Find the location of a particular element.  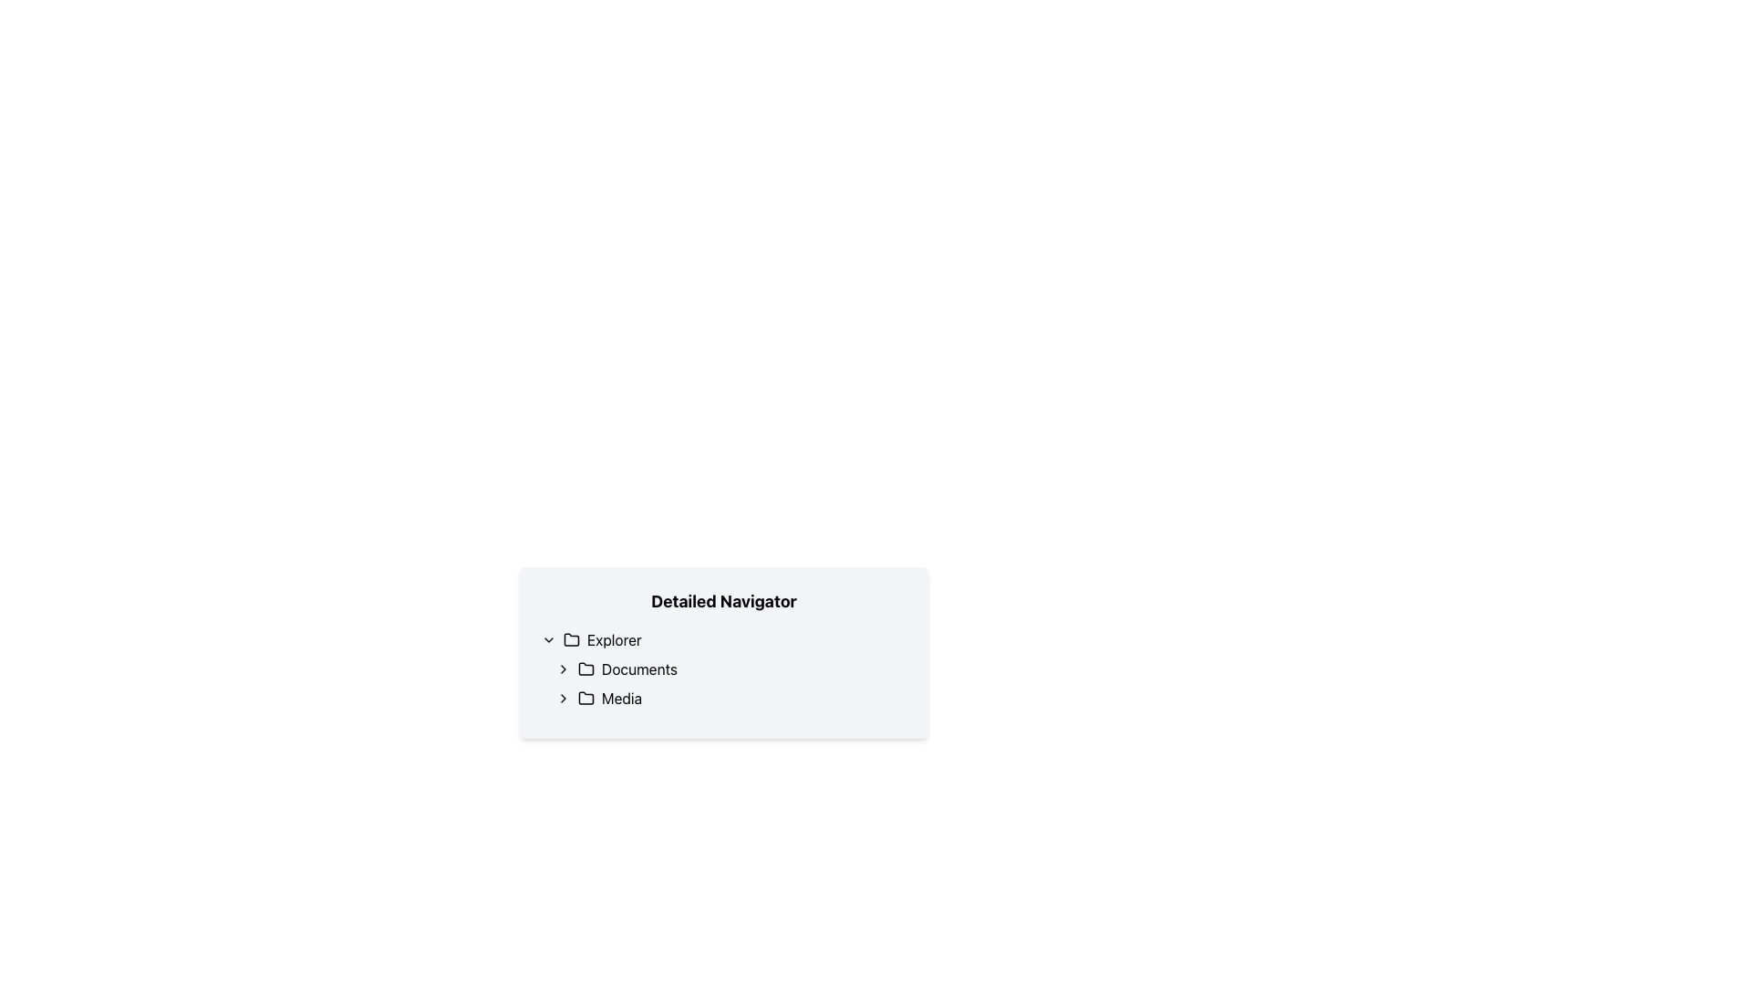

the 'Documents Media' navigation element in the file explorer interface is located at coordinates (730, 683).